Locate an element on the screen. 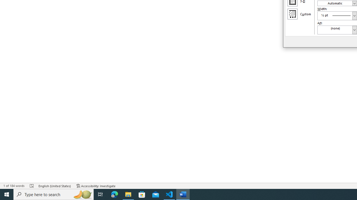 The image size is (357, 200). 'File Explorer - 1 running window' is located at coordinates (128, 194).